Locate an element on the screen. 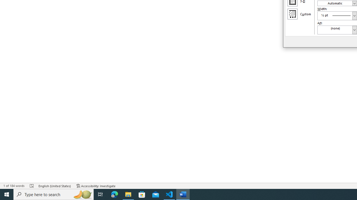 The image size is (357, 200). 'File Explorer - 1 running window' is located at coordinates (128, 194).